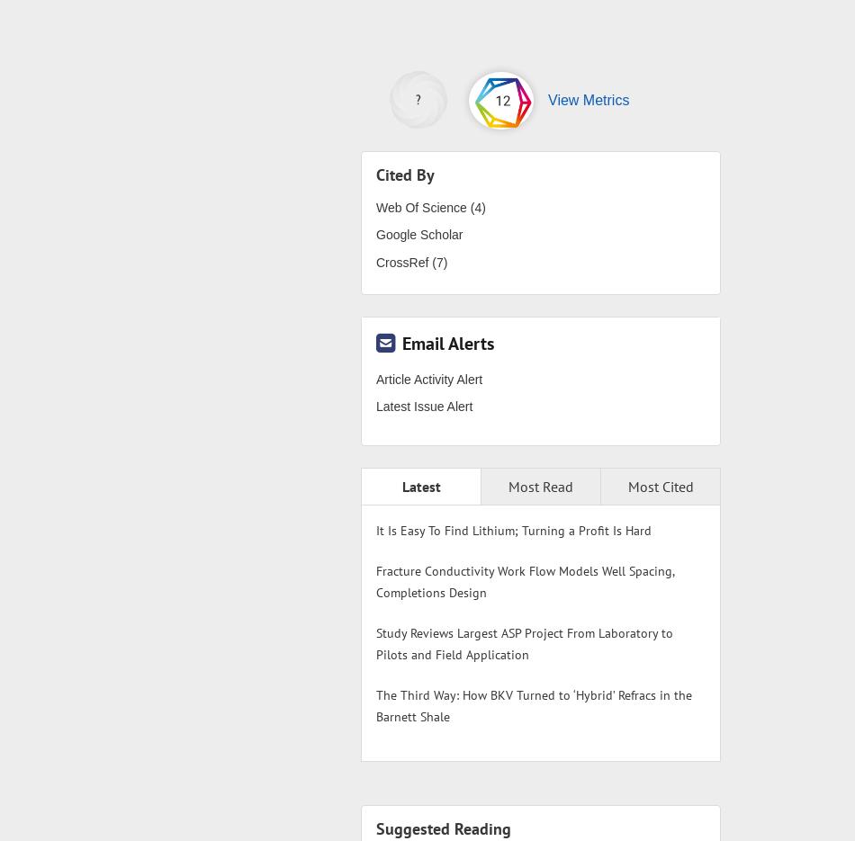 The width and height of the screenshot is (855, 841). I want to click on '12', so click(494, 98).